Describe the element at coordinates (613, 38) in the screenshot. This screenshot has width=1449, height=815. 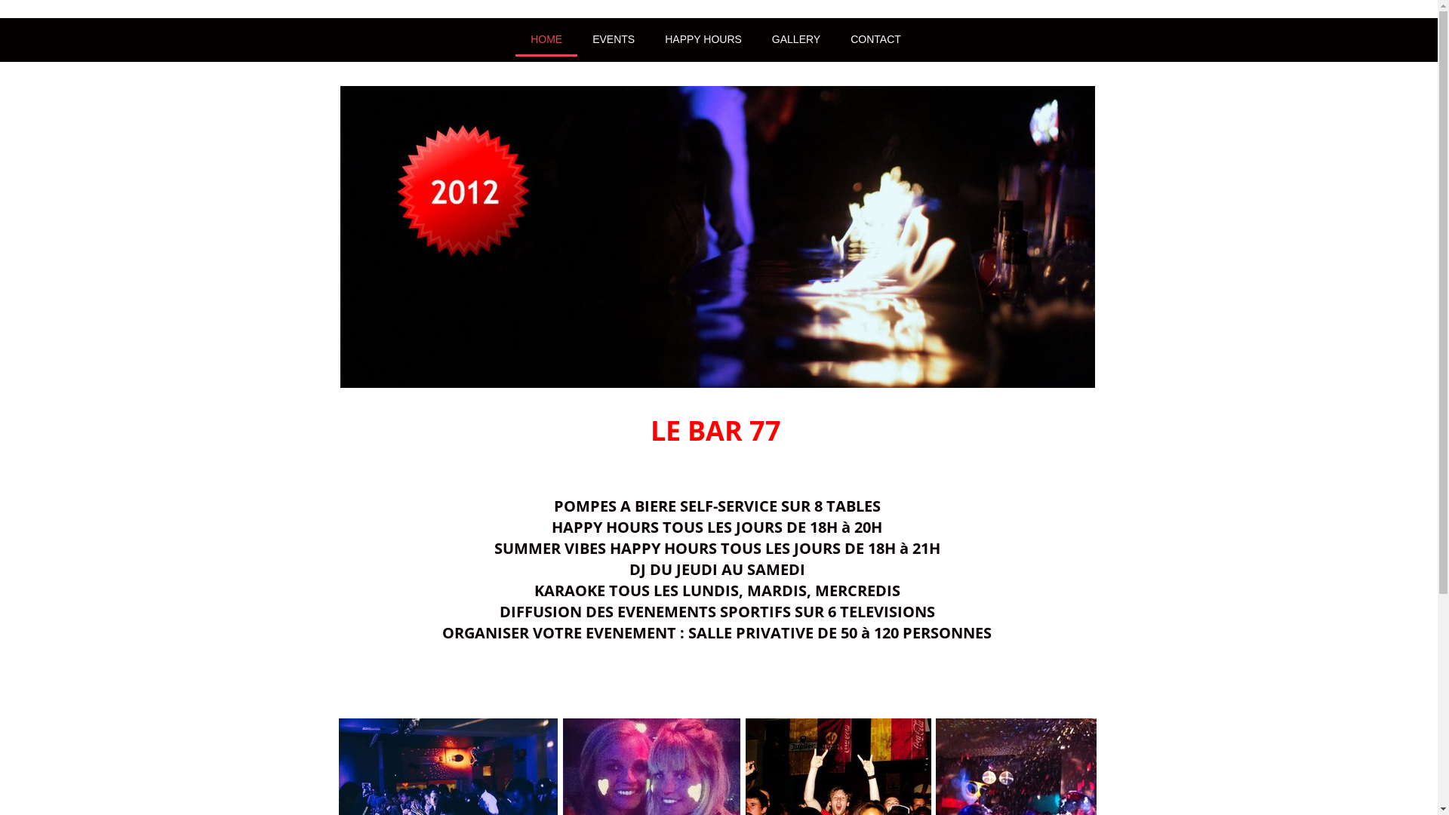
I see `'EVENTS'` at that location.